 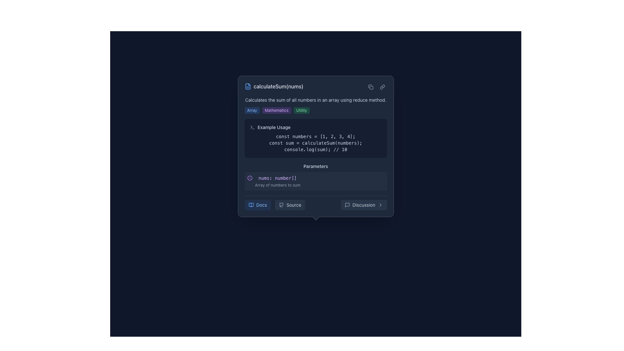 What do you see at coordinates (275, 205) in the screenshot?
I see `the 'Docs' button in the Button Group located at the bottom left of the card interface` at bounding box center [275, 205].